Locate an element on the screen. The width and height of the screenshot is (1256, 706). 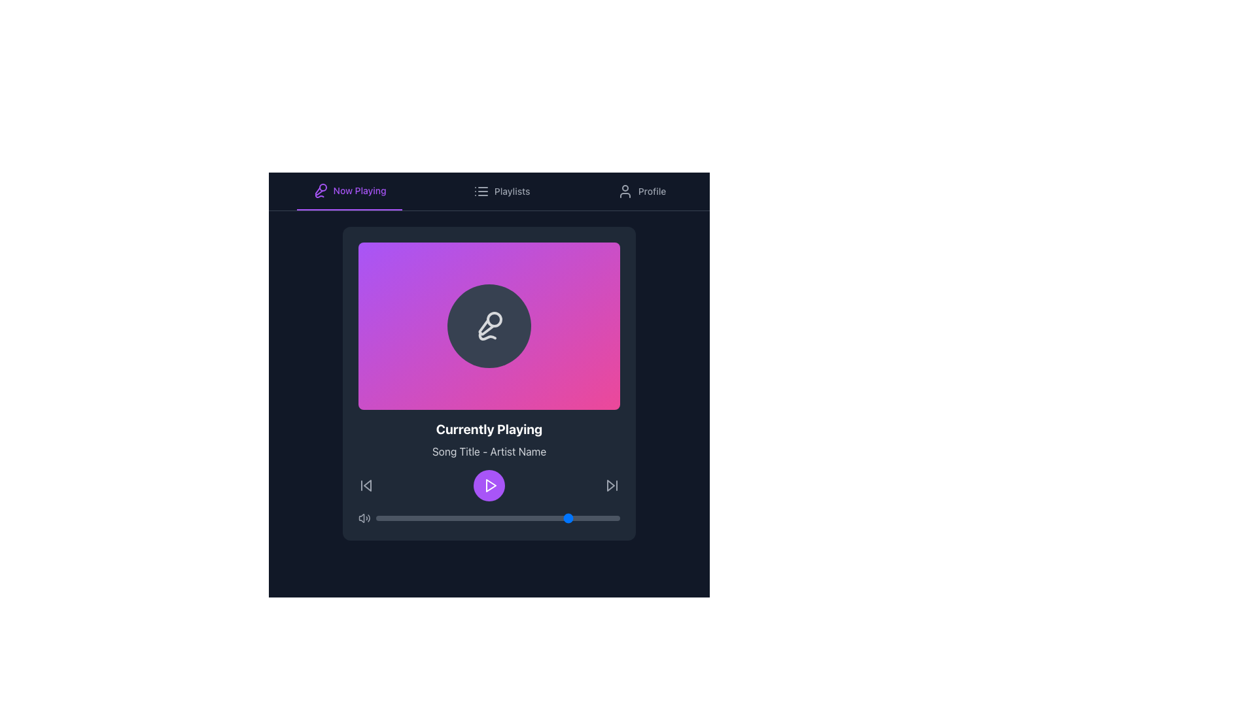
the play/pause button located centrally below the 'Currently Playing' text and flanked by skip backward and skip forward buttons to play or pause the media is located at coordinates (489, 486).